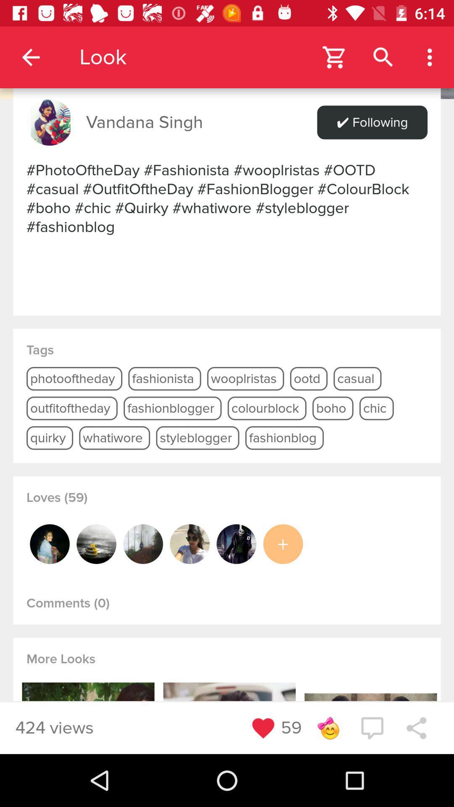  What do you see at coordinates (327, 728) in the screenshot?
I see `a reaction to this profile` at bounding box center [327, 728].